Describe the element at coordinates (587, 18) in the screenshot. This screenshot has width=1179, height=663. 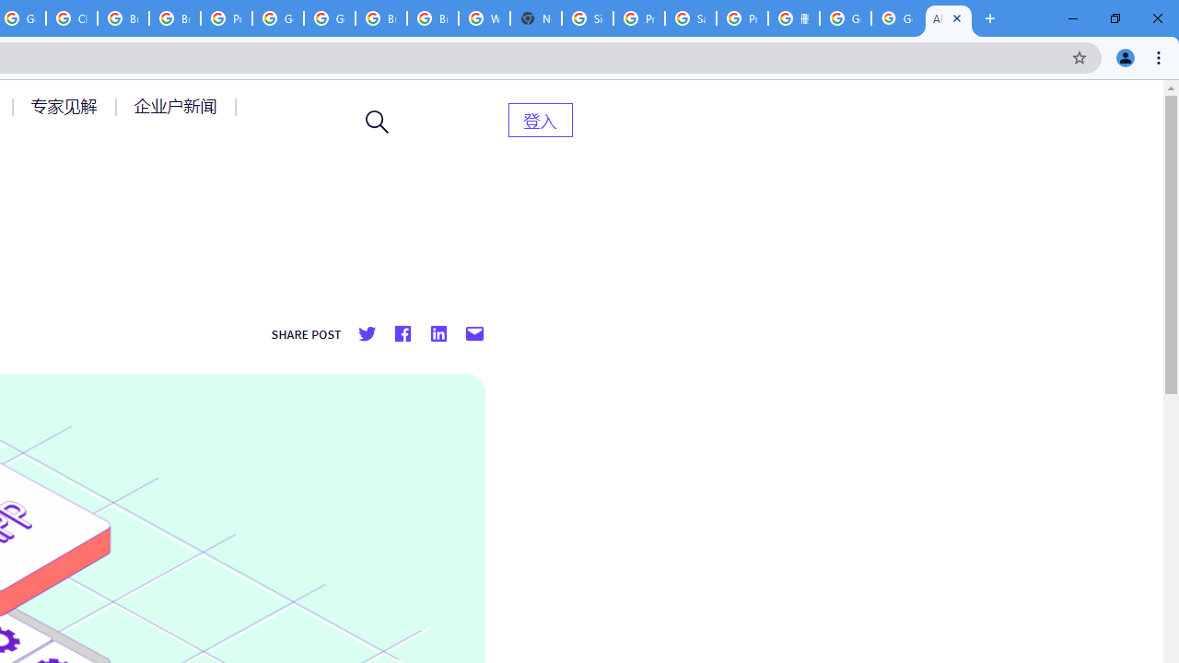
I see `'Sign in - Google Accounts'` at that location.